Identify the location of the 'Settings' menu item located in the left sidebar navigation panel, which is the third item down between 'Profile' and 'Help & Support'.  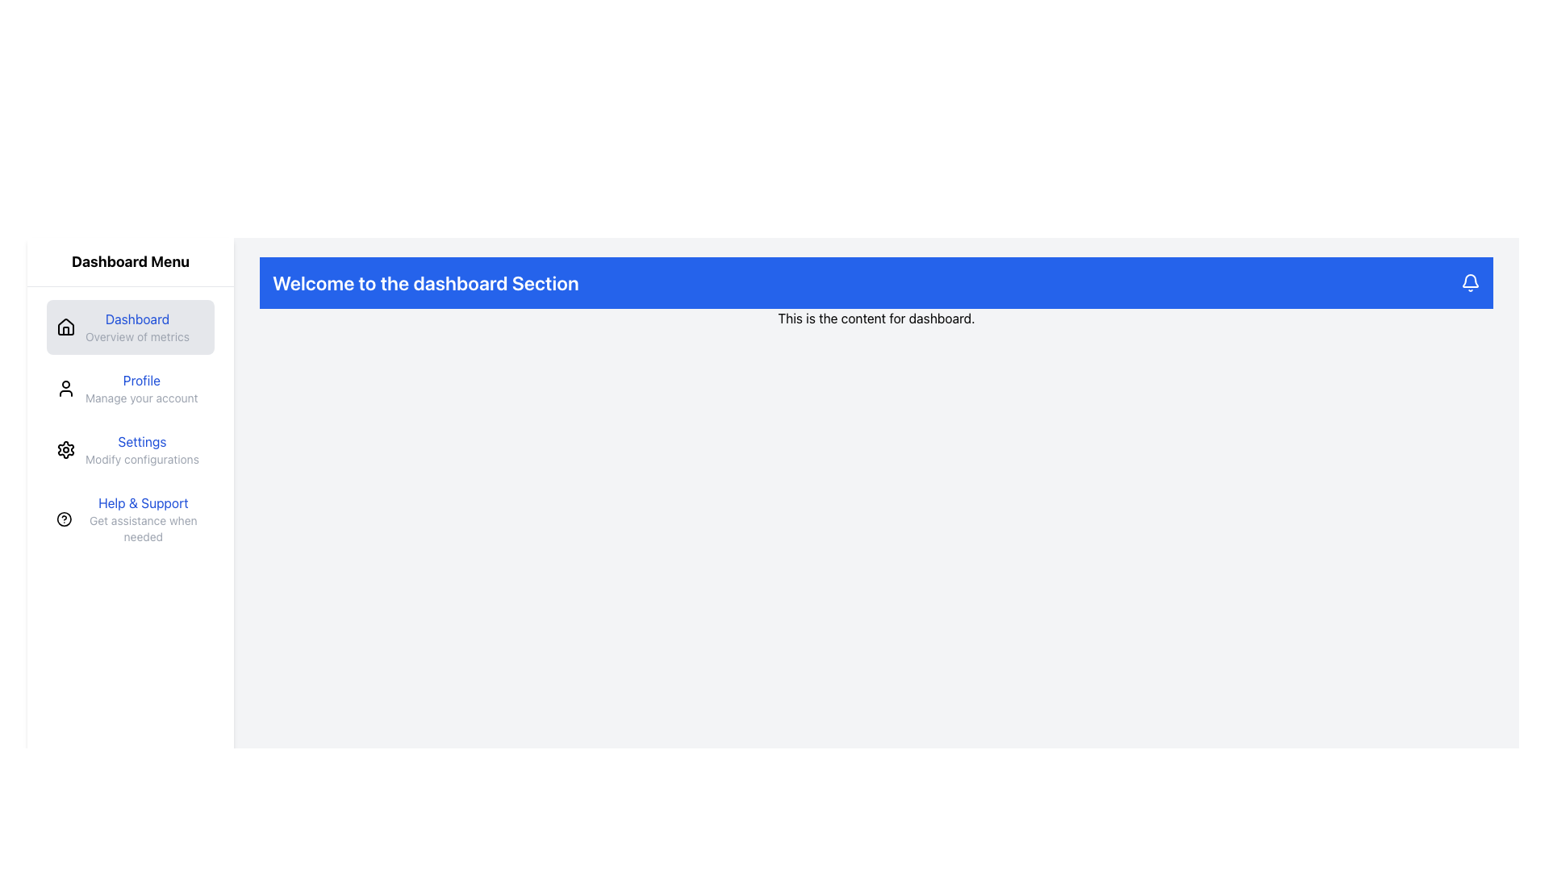
(142, 450).